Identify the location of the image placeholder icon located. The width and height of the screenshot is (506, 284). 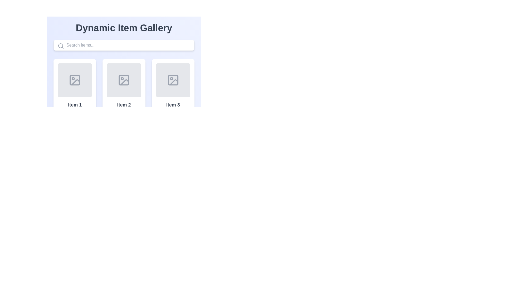
(124, 80).